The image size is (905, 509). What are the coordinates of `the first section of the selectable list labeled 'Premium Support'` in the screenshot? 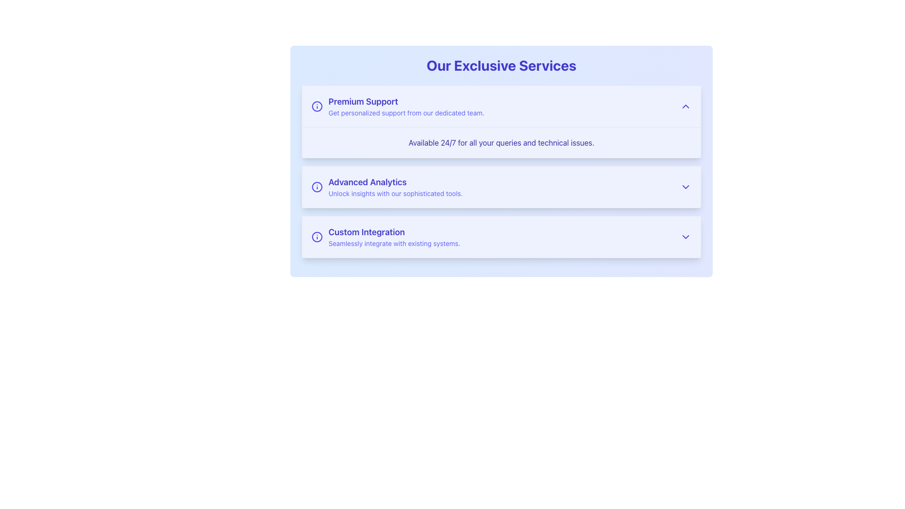 It's located at (398, 106).